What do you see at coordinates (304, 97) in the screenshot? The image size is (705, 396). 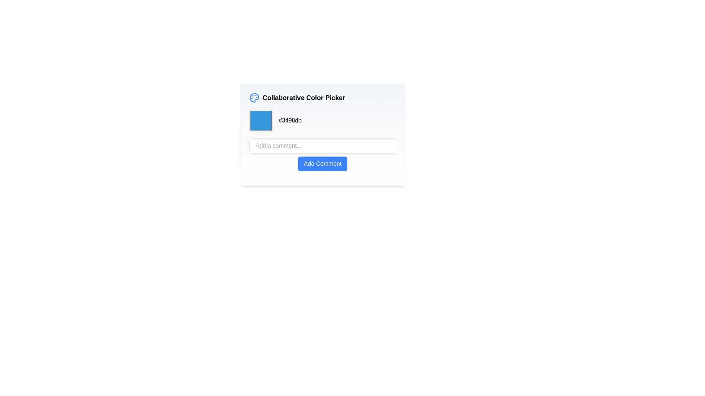 I see `displayed text of the label positioned to the right of the palette icon, aligned horizontally with it, serving as a title for the collaborative color selection feature` at bounding box center [304, 97].